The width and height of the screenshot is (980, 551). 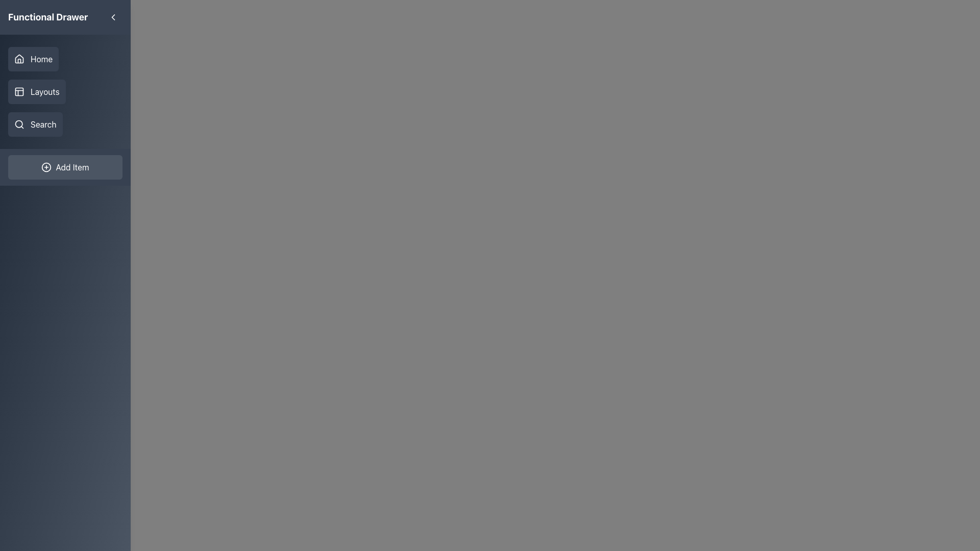 What do you see at coordinates (46, 166) in the screenshot?
I see `the SVG Circle that visually enhances the 'Add Item' button in the sidebar menu` at bounding box center [46, 166].